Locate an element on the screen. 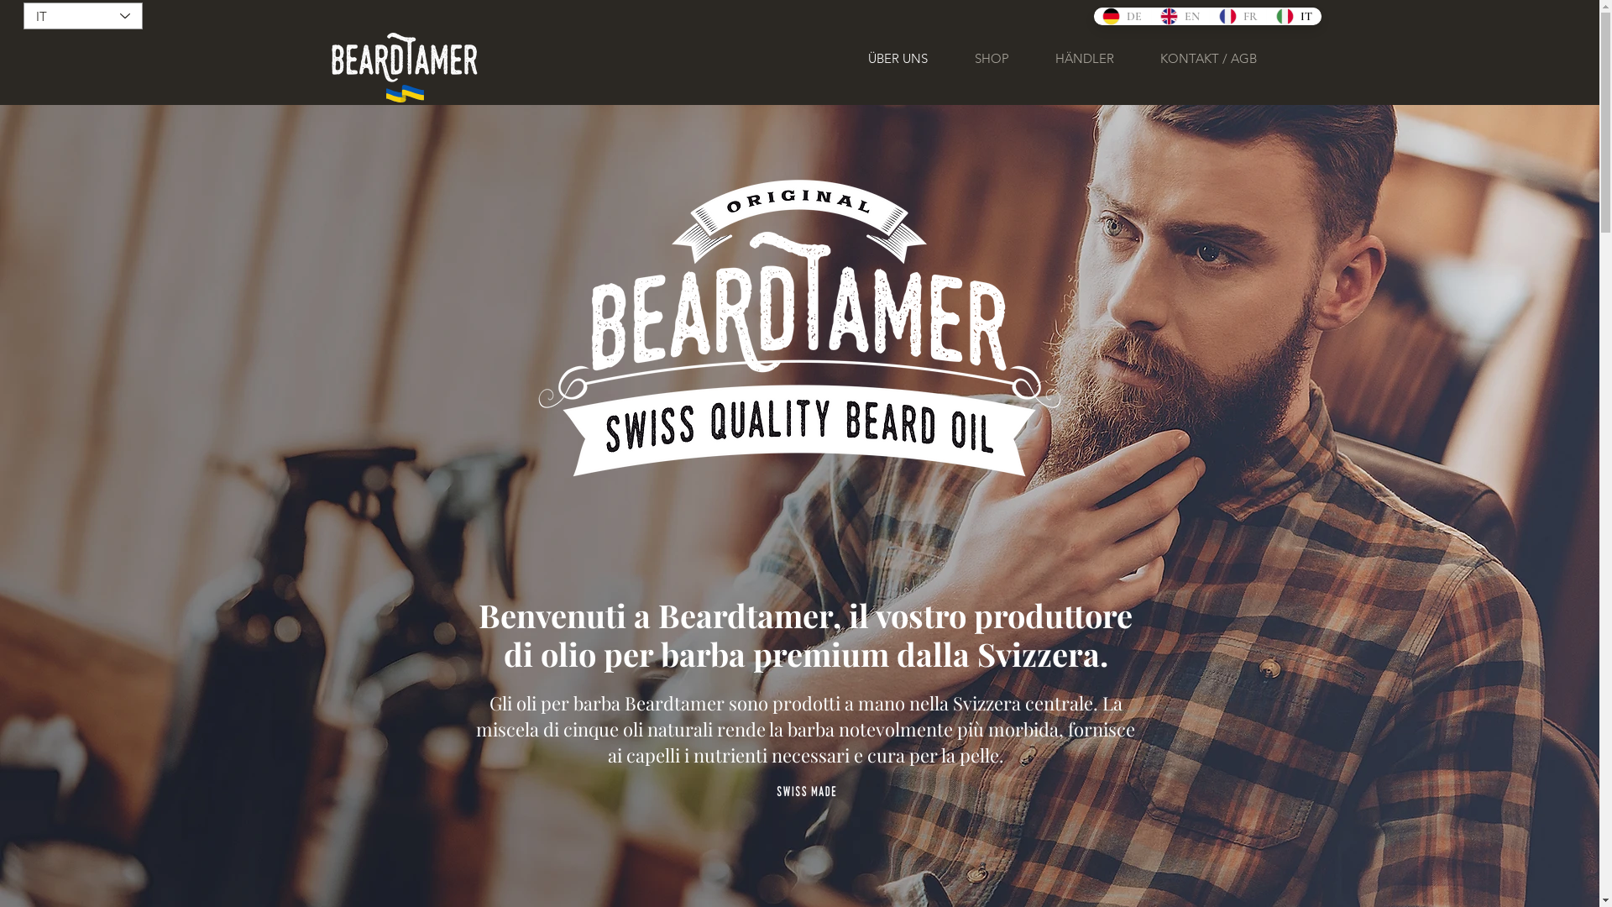  'FR' is located at coordinates (1209, 16).